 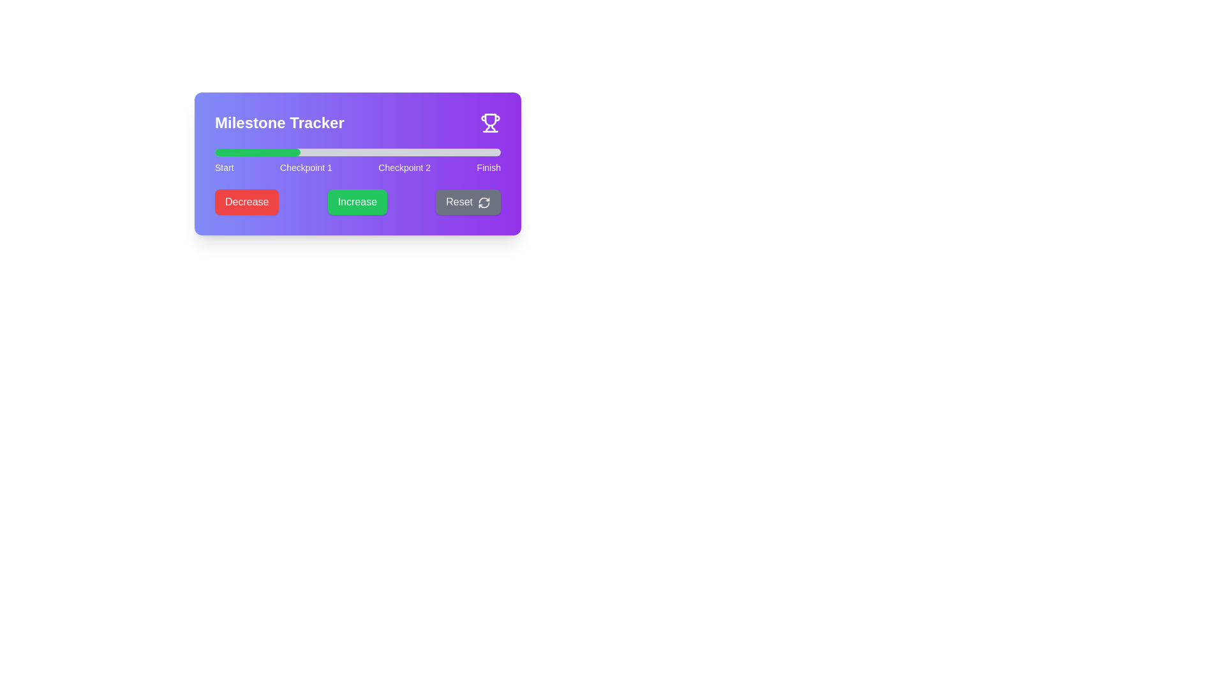 I want to click on the static label reading 'Checkpoint 1', which is styled in white font on a purple background and is the second label in a horizontal sequence of four labels, so click(x=306, y=167).